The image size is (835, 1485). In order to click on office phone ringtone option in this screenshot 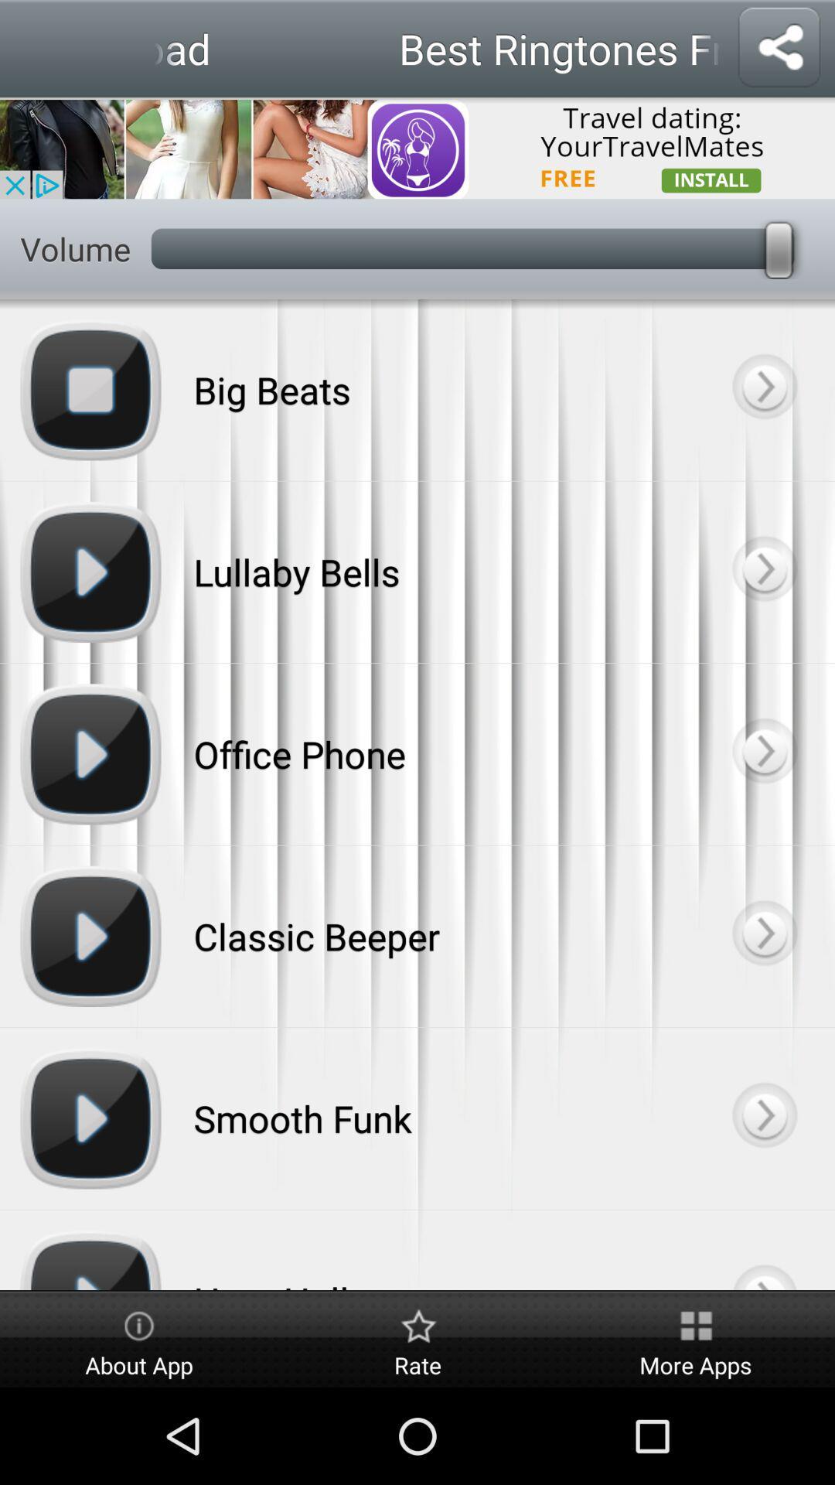, I will do `click(763, 754)`.